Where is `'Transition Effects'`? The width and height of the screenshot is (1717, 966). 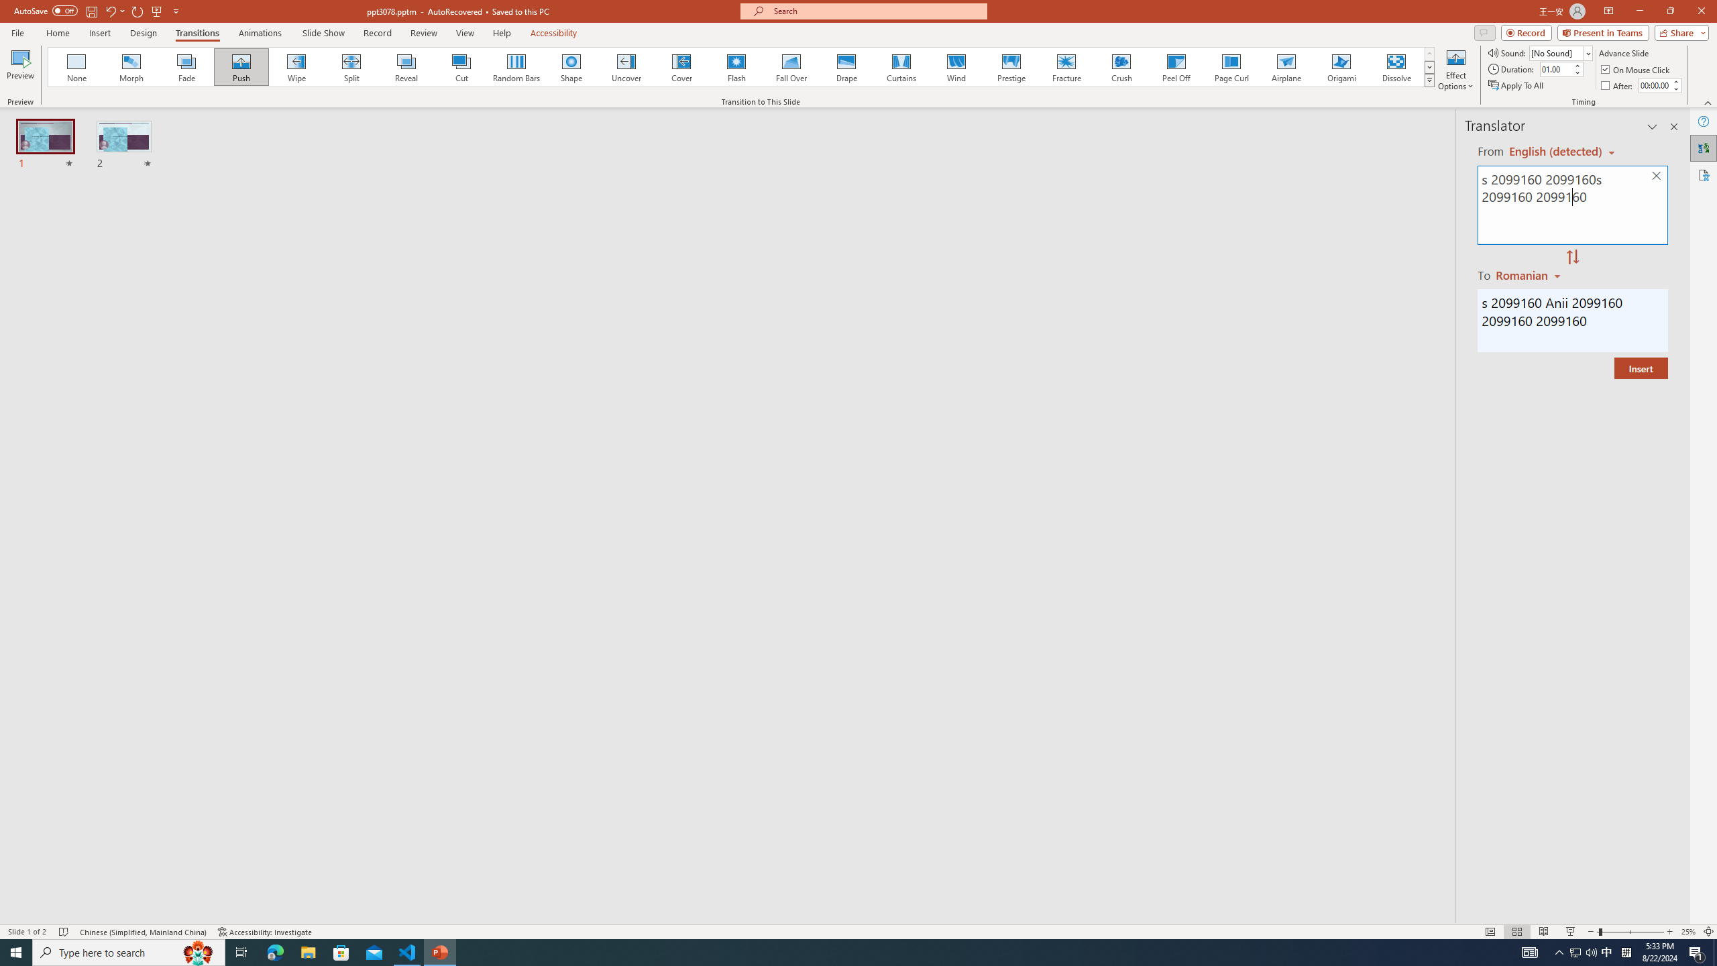 'Transition Effects' is located at coordinates (1429, 79).